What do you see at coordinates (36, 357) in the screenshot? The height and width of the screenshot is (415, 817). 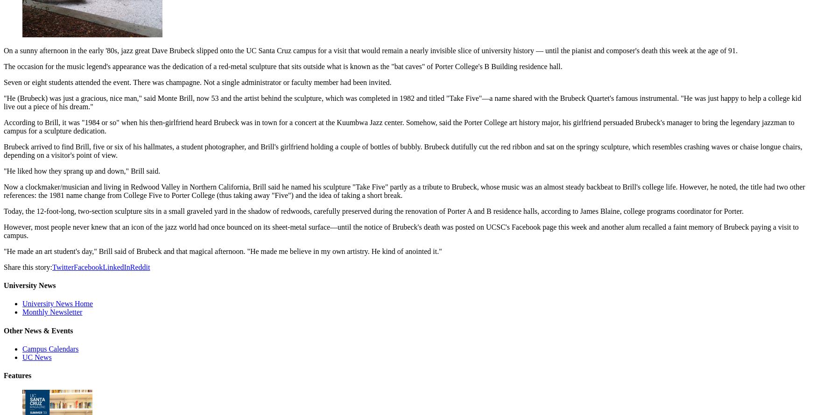 I see `'UC News'` at bounding box center [36, 357].